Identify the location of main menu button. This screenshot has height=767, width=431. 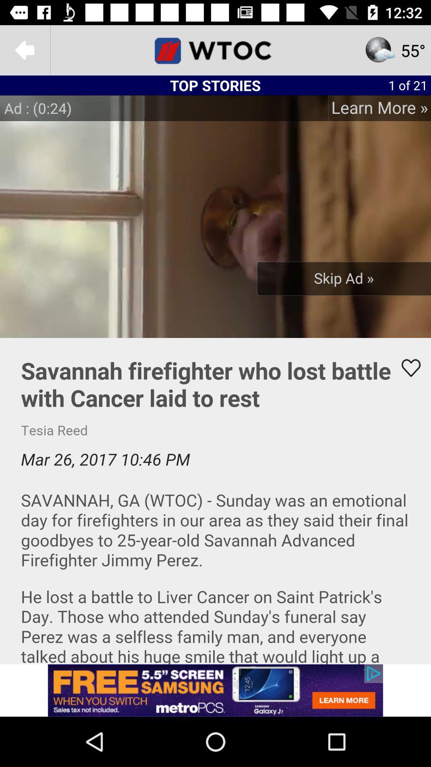
(215, 50).